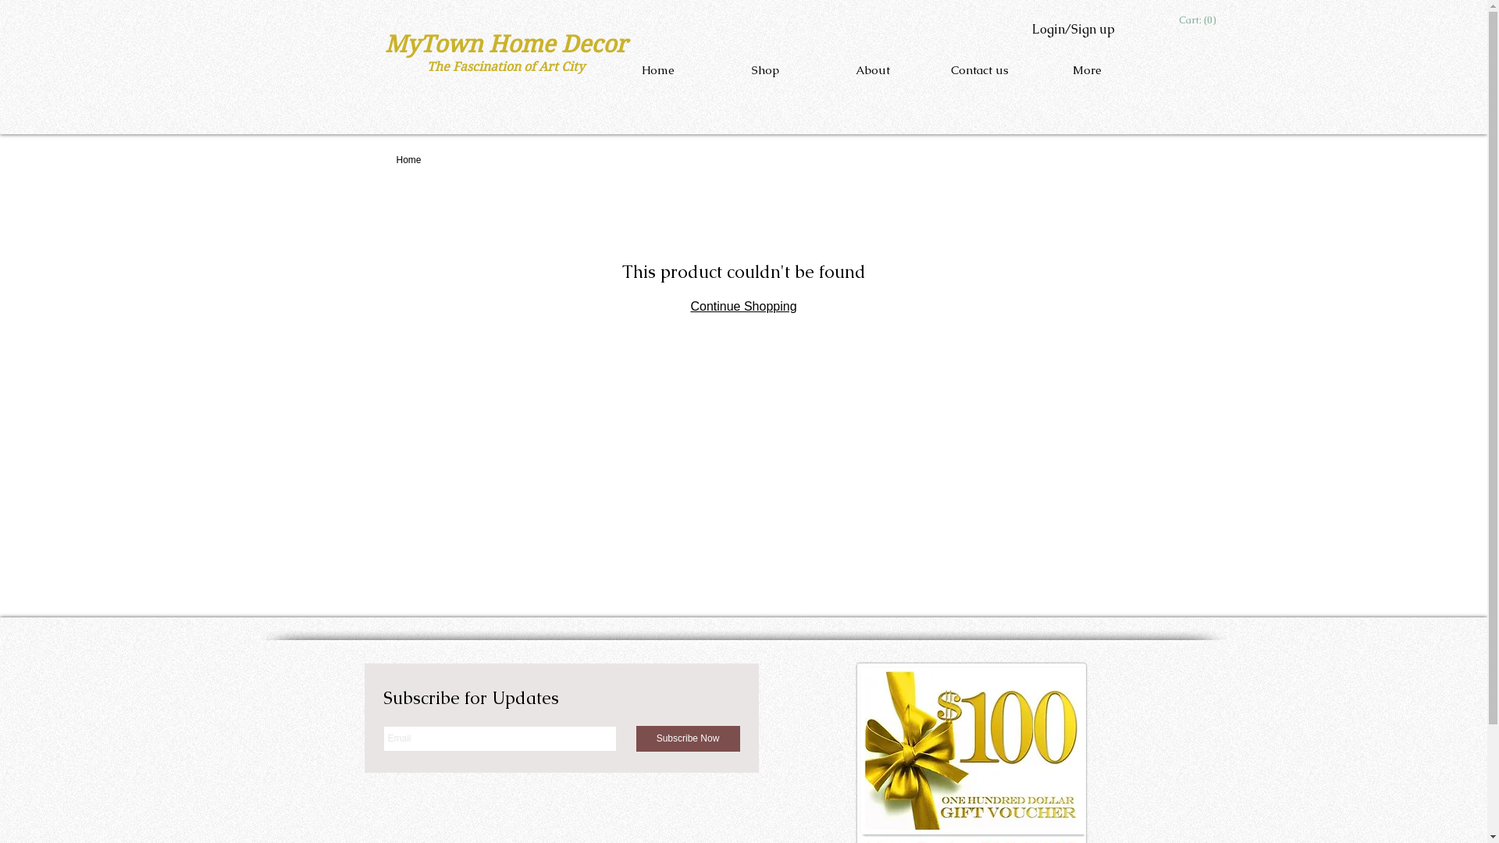 The image size is (1499, 843). Describe the element at coordinates (1179, 20) in the screenshot. I see `'Cart: (0)'` at that location.